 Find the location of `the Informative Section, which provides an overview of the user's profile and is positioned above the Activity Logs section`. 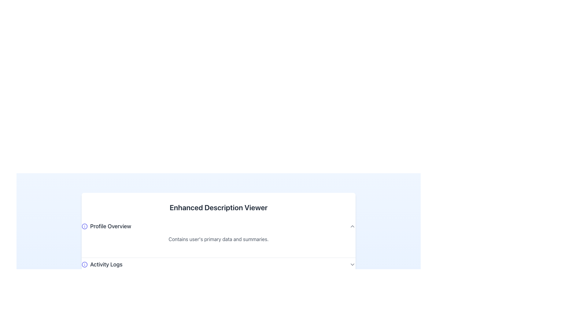

the Informative Section, which provides an overview of the user's profile and is positioned above the Activity Logs section is located at coordinates (219, 234).